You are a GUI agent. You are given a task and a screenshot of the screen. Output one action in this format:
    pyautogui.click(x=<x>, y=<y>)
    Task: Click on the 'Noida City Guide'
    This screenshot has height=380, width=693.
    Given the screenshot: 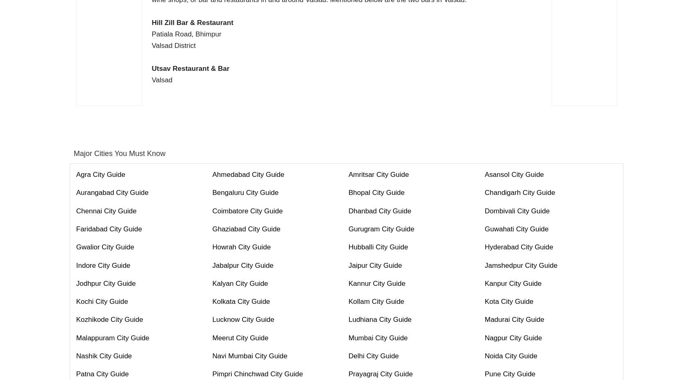 What is the action you would take?
    pyautogui.click(x=511, y=356)
    